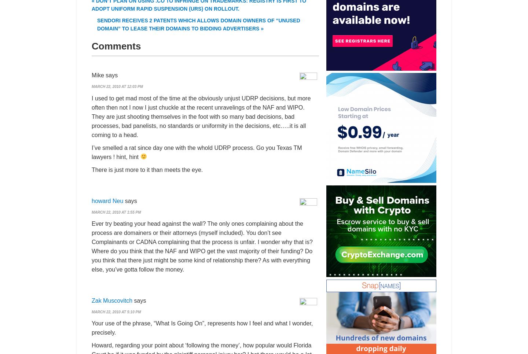 The width and height of the screenshot is (528, 354). Describe the element at coordinates (91, 211) in the screenshot. I see `'March 22, 2010 at 1:55 pm'` at that location.